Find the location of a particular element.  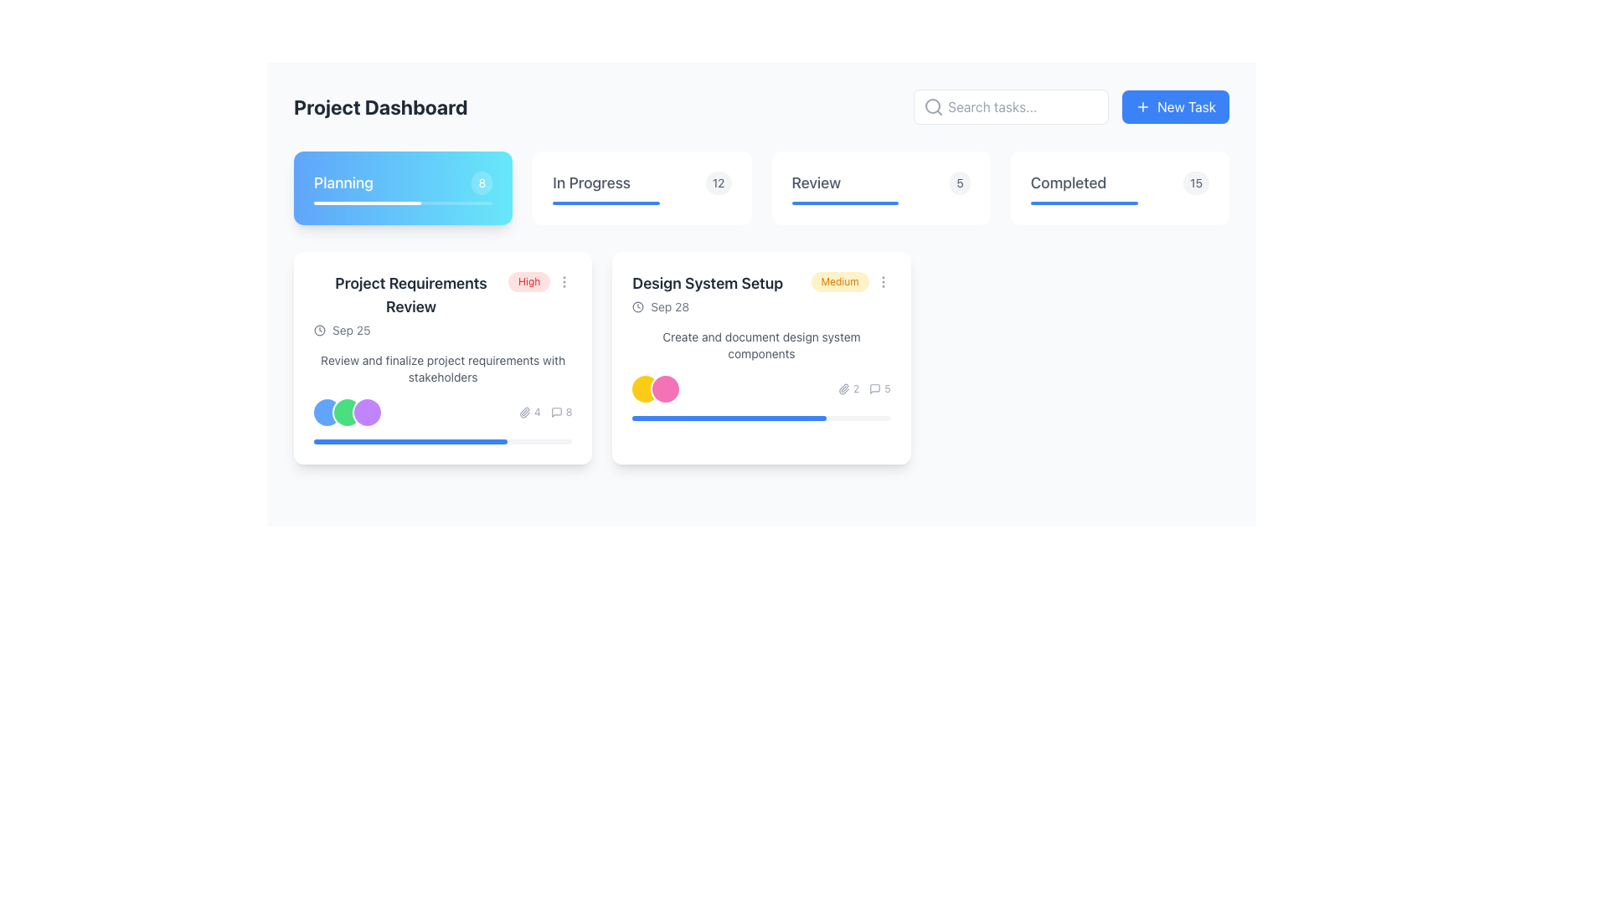

the leftmost interactive badge representing a participant or team member in the 'Design System Setup' task for details or interactions is located at coordinates (645, 389).